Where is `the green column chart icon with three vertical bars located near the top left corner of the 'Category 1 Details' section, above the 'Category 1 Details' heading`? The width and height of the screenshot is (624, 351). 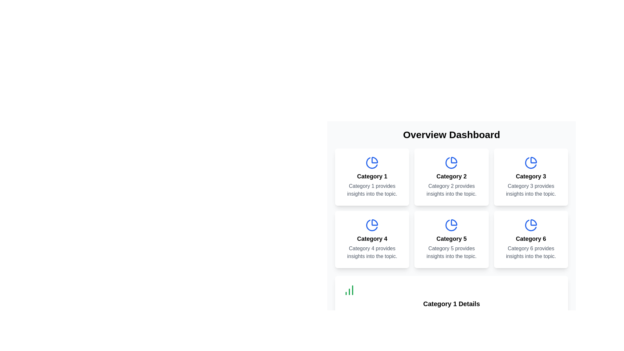 the green column chart icon with three vertical bars located near the top left corner of the 'Category 1 Details' section, above the 'Category 1 Details' heading is located at coordinates (349, 290).